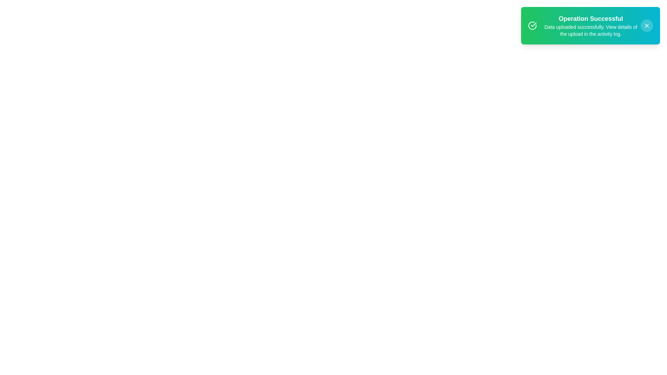  Describe the element at coordinates (647, 25) in the screenshot. I see `the small circular close button ('X') in the top-right corner of the notification box` at that location.